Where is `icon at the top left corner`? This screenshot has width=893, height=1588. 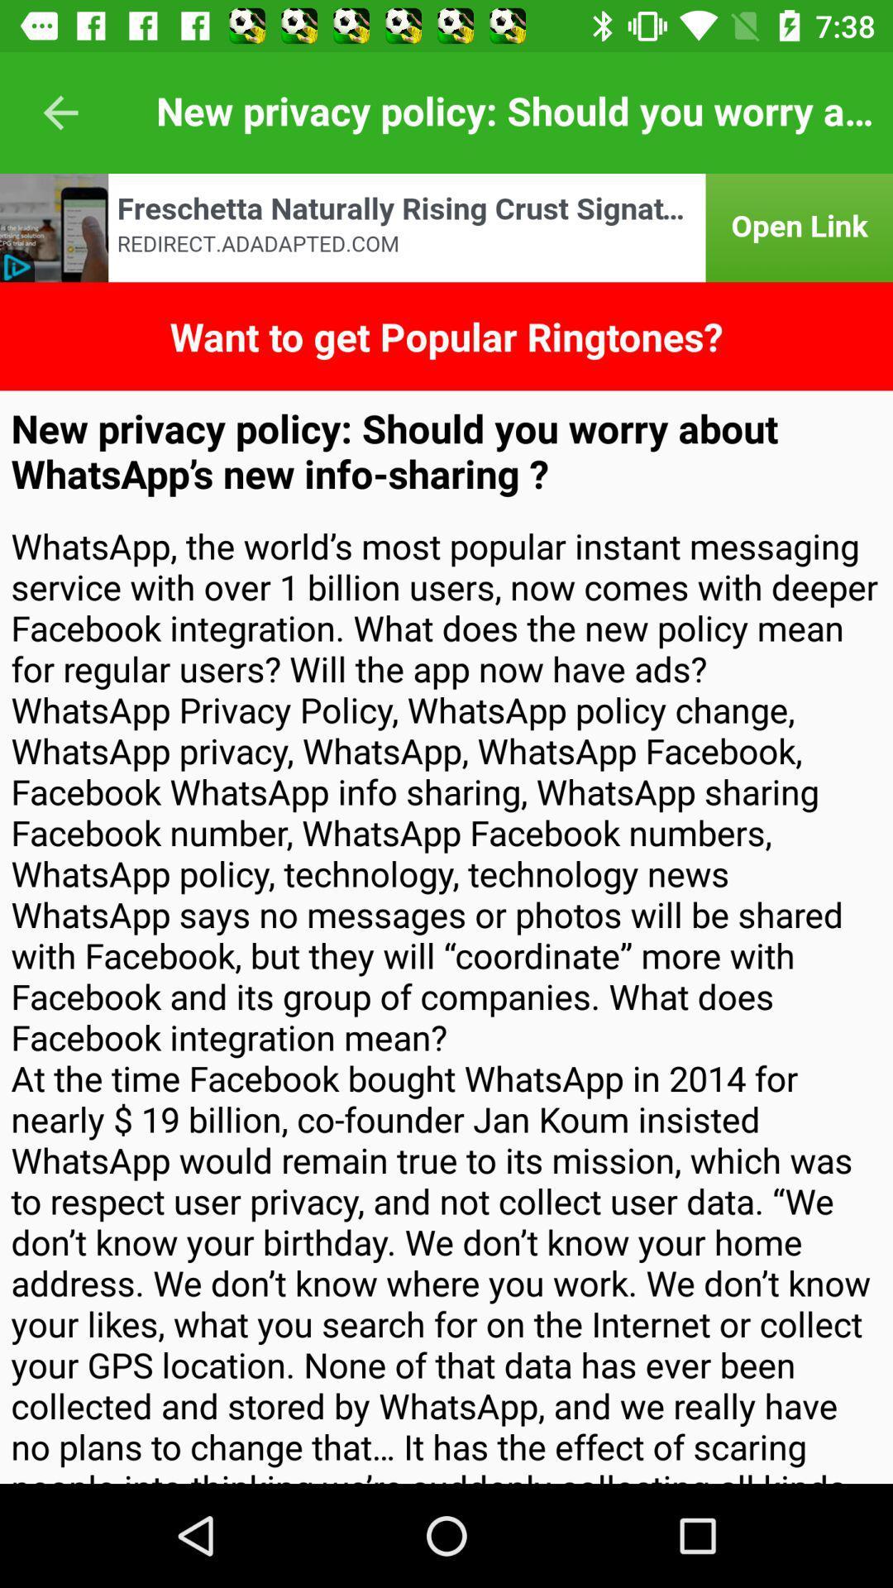
icon at the top left corner is located at coordinates (60, 112).